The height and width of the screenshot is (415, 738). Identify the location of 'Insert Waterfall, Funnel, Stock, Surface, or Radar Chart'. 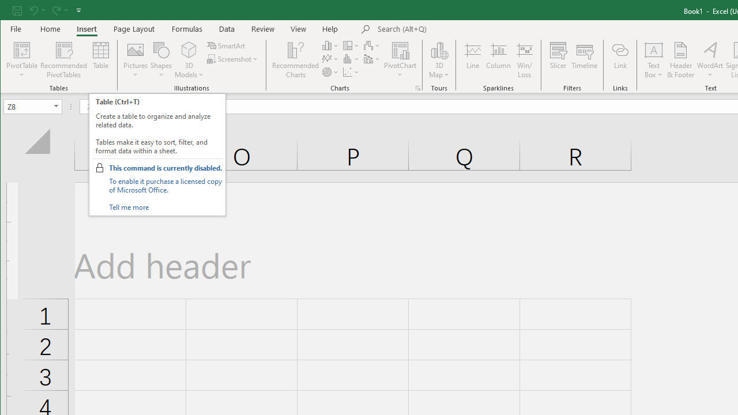
(372, 45).